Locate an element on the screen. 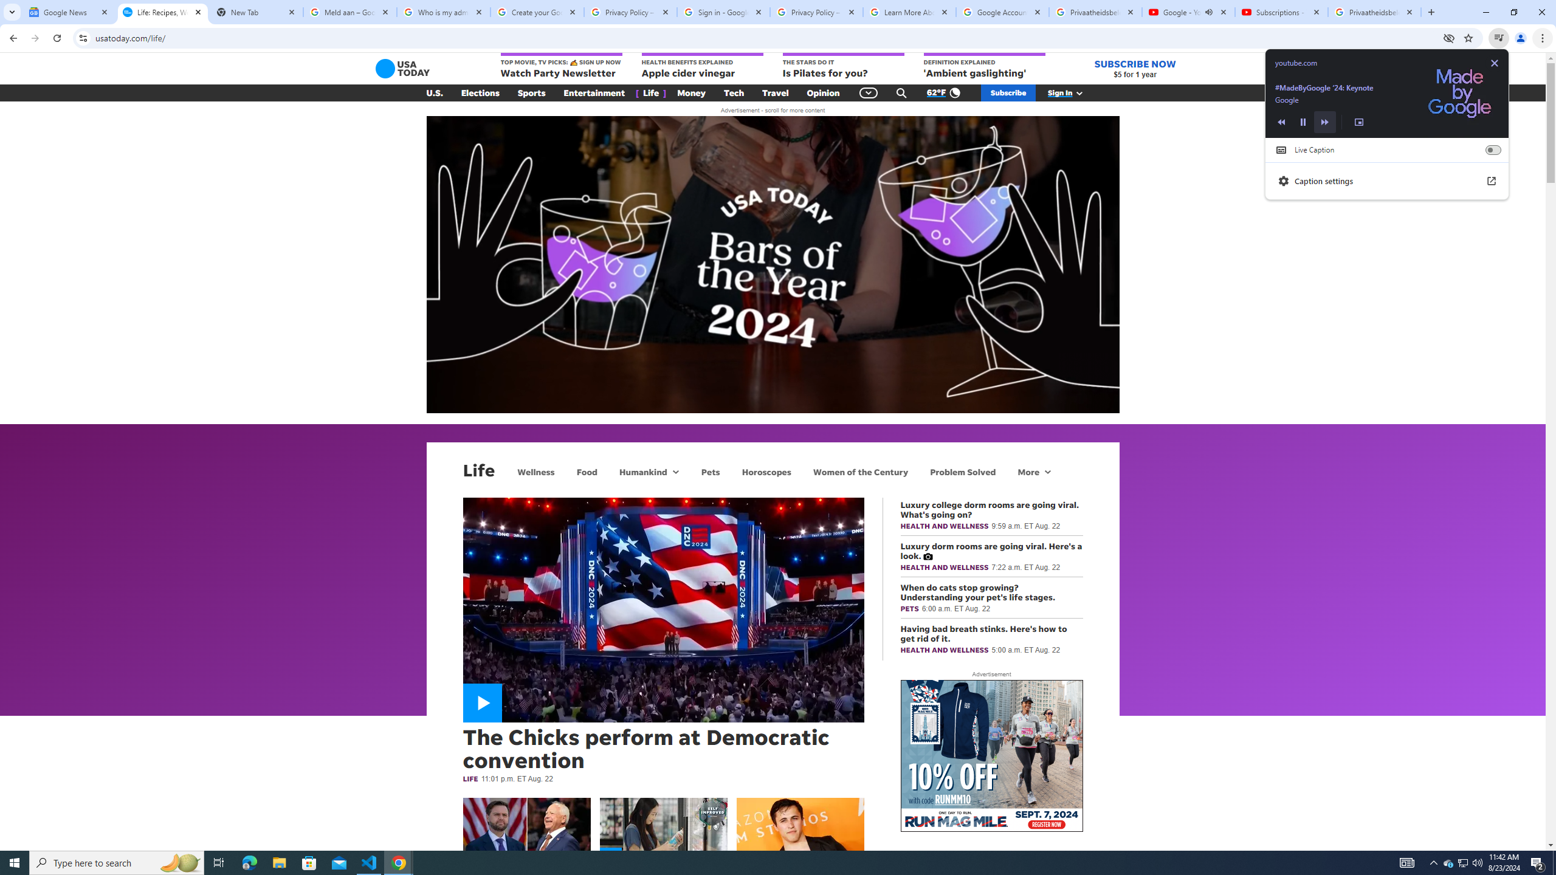 This screenshot has height=875, width=1556. 'Notification Chevron' is located at coordinates (1434, 862).